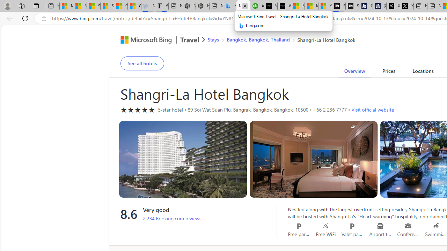 The width and height of the screenshot is (447, 251). Describe the element at coordinates (257, 6) in the screenshot. I see `'Accounting Software for Accountants, CPAs and Bookkeepers'` at that location.